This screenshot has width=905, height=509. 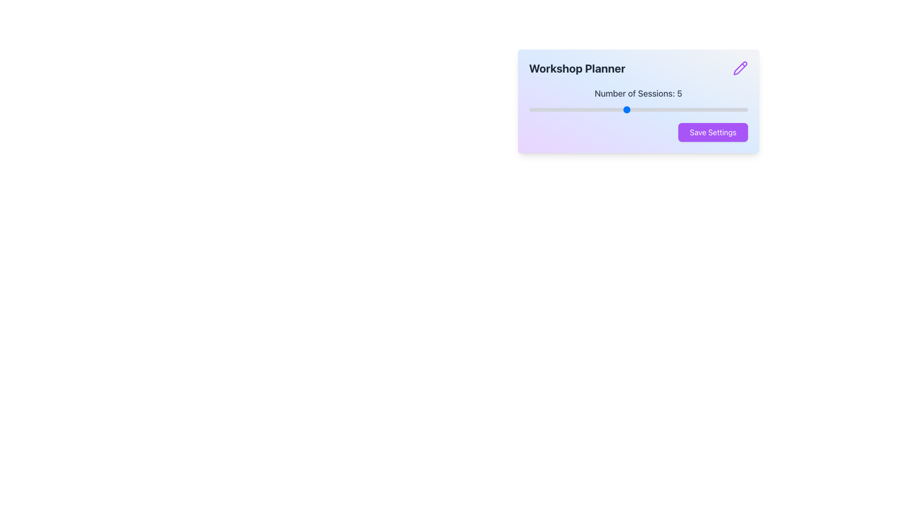 I want to click on the number of sessions, so click(x=577, y=109).